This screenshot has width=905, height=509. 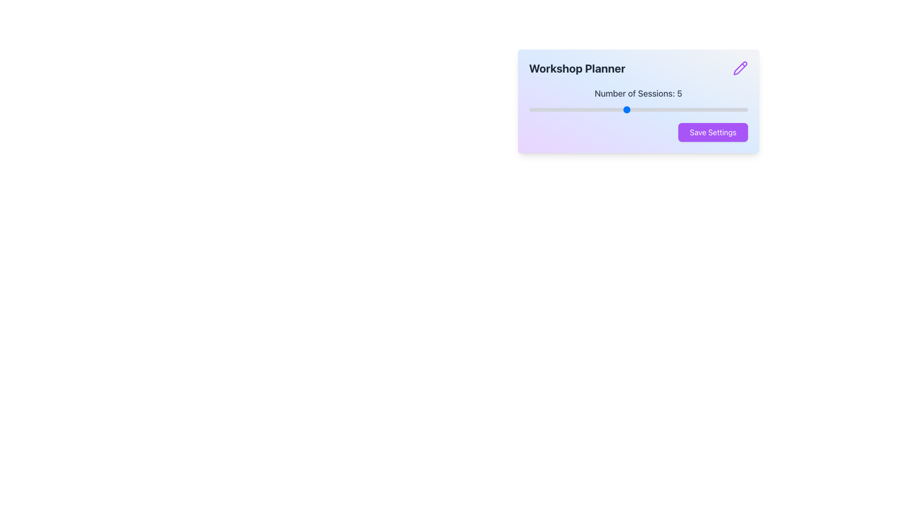 I want to click on the number of sessions, so click(x=577, y=109).